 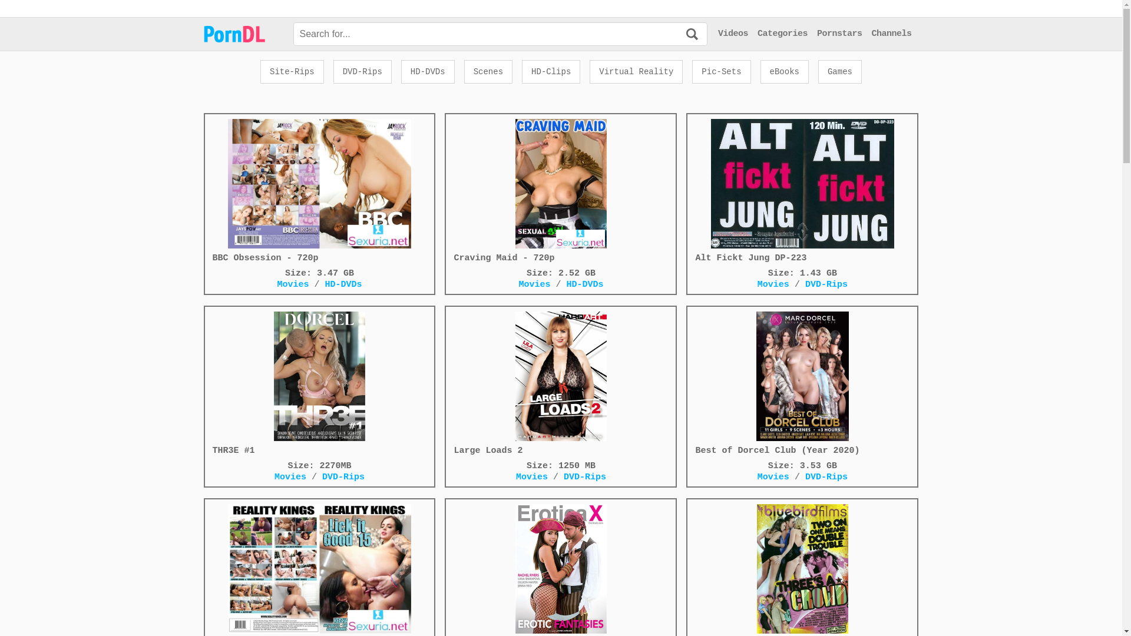 I want to click on 'Search', so click(x=692, y=34).